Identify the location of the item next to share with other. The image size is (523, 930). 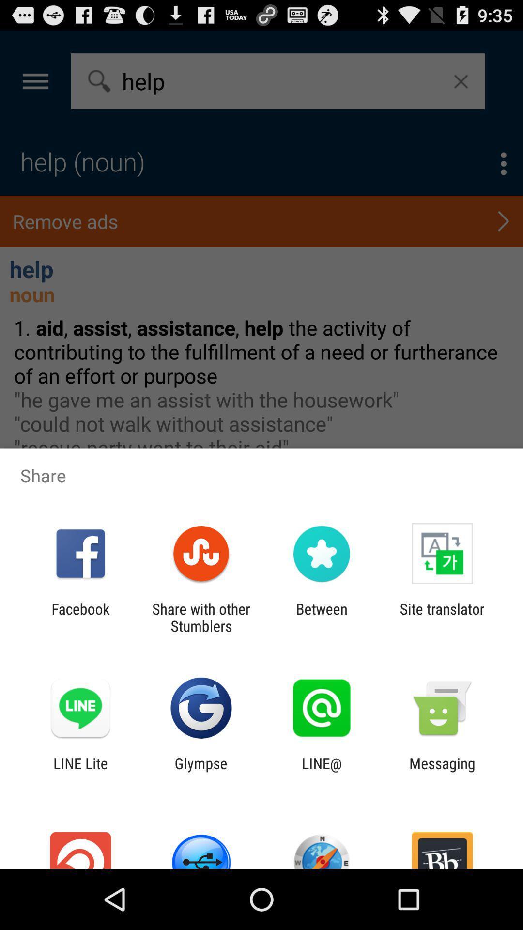
(322, 617).